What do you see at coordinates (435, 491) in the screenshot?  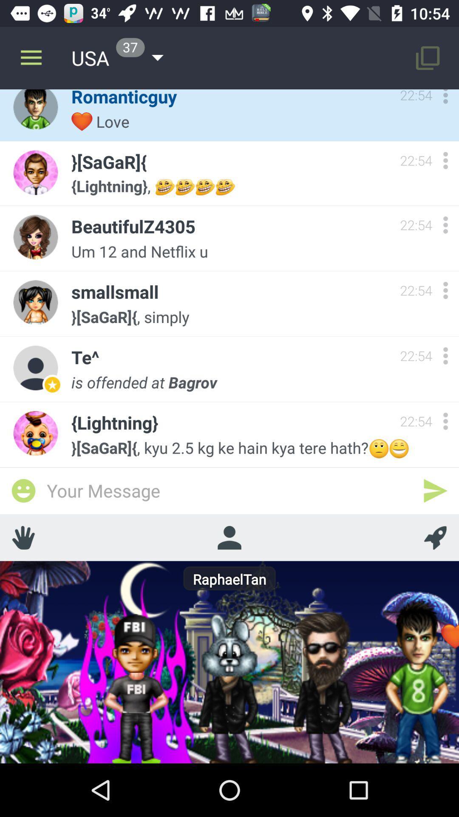 I see `send message` at bounding box center [435, 491].